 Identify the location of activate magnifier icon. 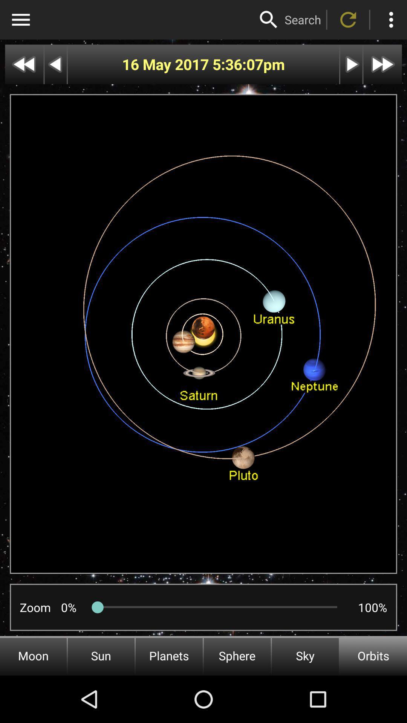
(268, 20).